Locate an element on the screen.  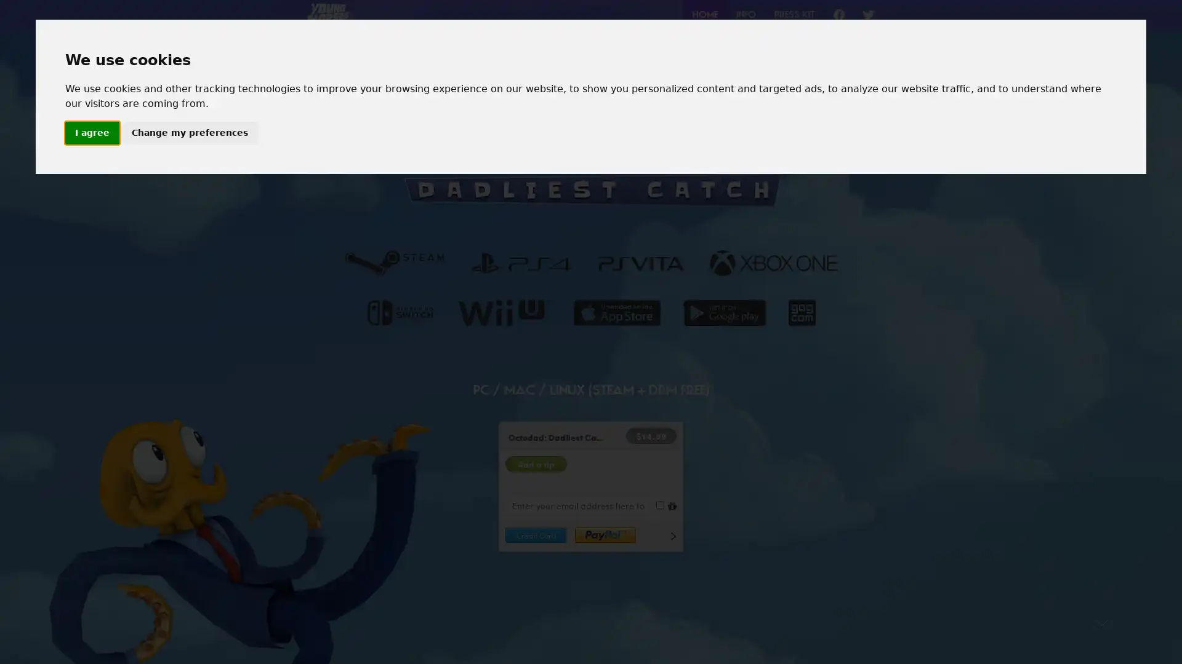
Change my preferences is located at coordinates (188, 133).